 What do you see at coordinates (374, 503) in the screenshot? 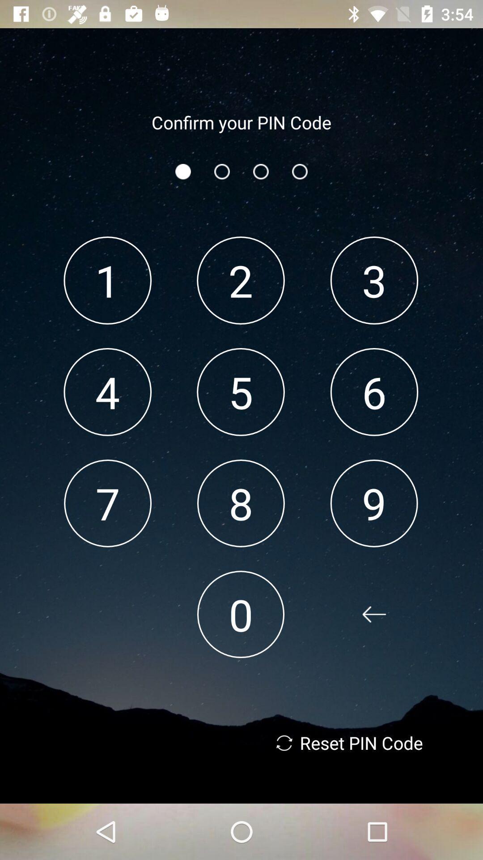
I see `the 9` at bounding box center [374, 503].